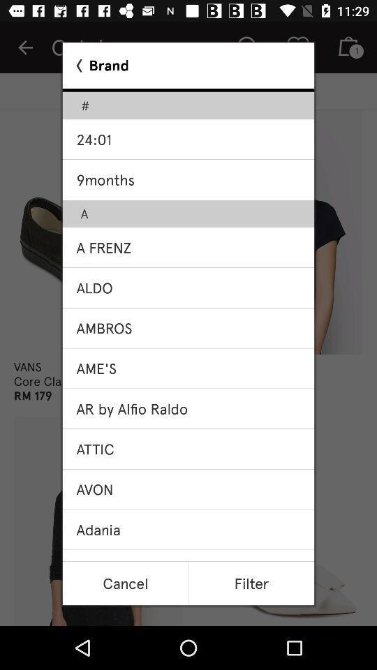  Describe the element at coordinates (125, 583) in the screenshot. I see `the cancel` at that location.